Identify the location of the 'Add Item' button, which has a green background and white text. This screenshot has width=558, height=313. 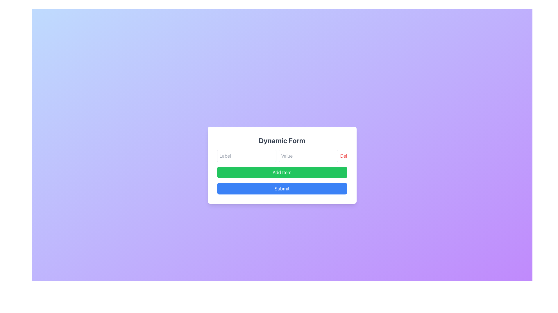
(282, 172).